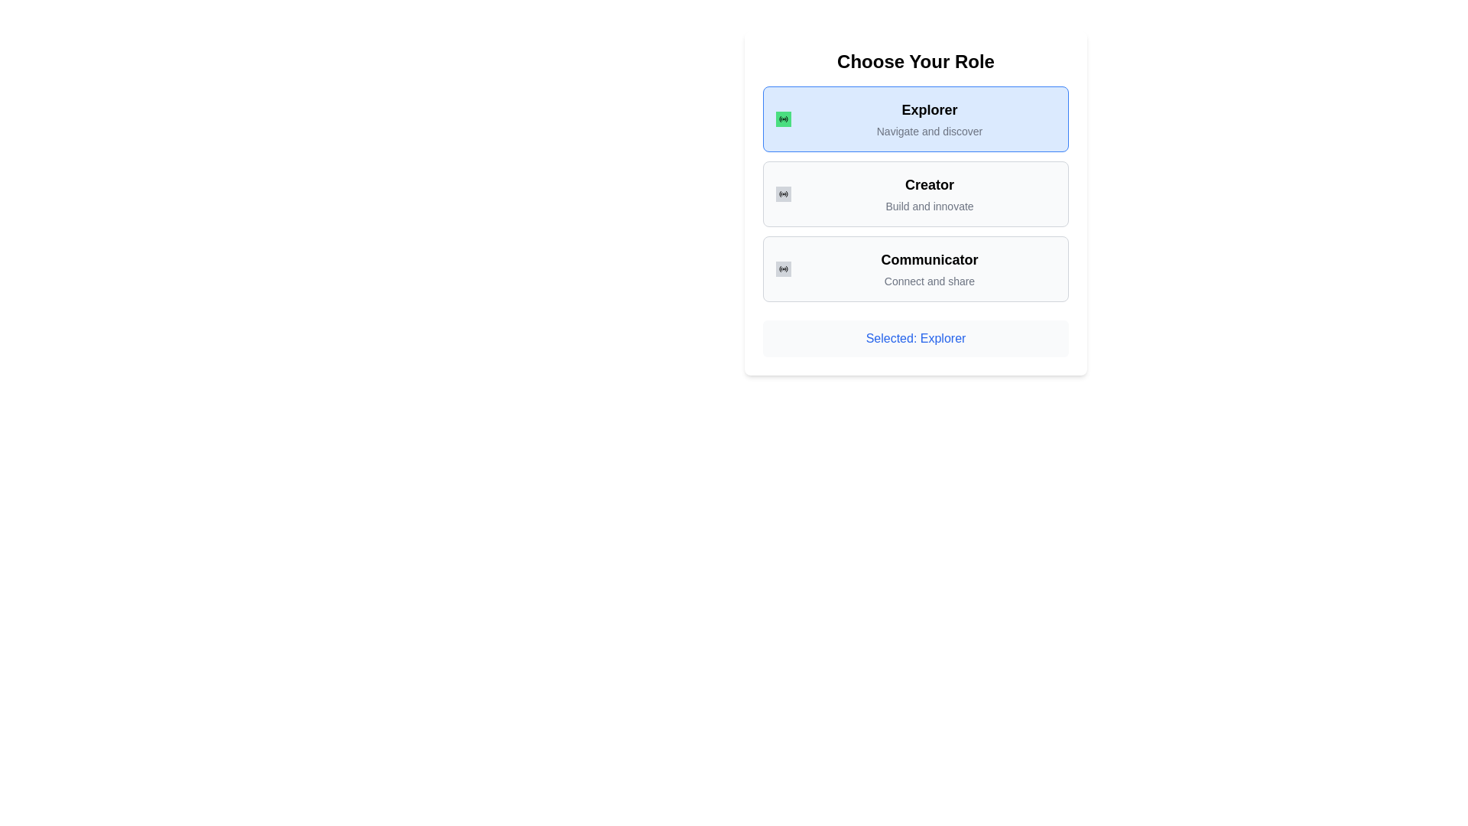  Describe the element at coordinates (916, 193) in the screenshot. I see `the 'Creator' role selection button located below the 'Explorer' option and above the 'Communicator' option in the role-selection interface` at that location.